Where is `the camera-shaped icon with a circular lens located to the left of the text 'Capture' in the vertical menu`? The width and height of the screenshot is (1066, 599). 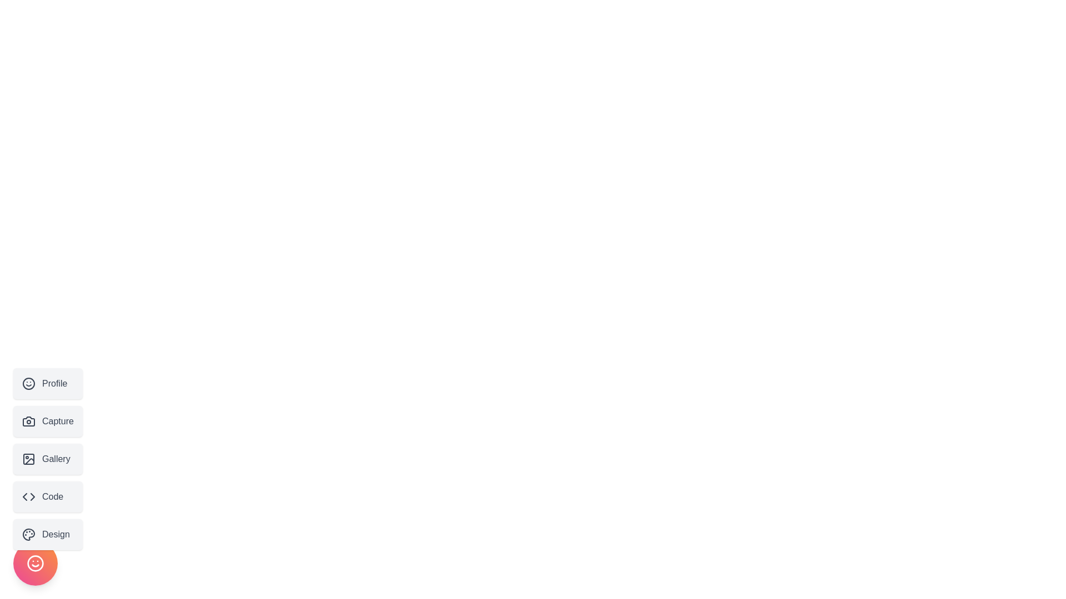
the camera-shaped icon with a circular lens located to the left of the text 'Capture' in the vertical menu is located at coordinates (29, 421).